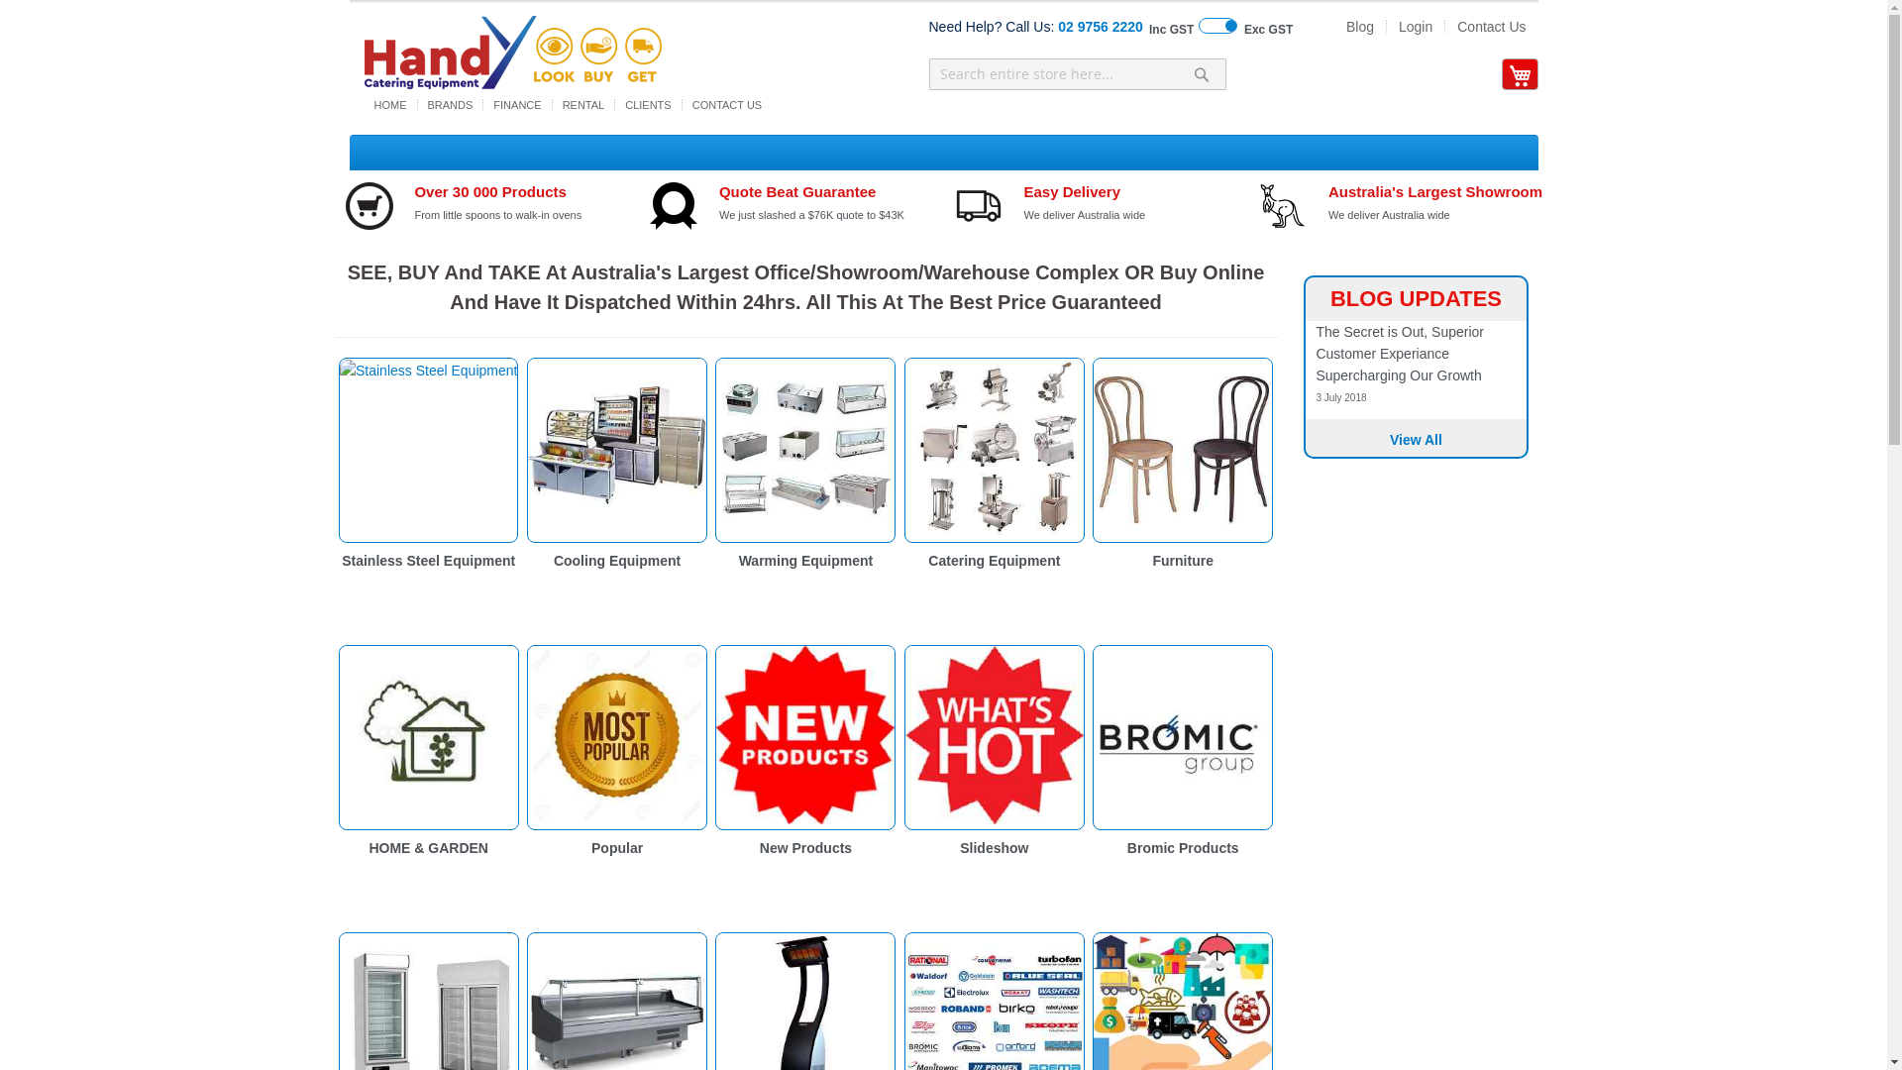  Describe the element at coordinates (390, 104) in the screenshot. I see `'HOME'` at that location.